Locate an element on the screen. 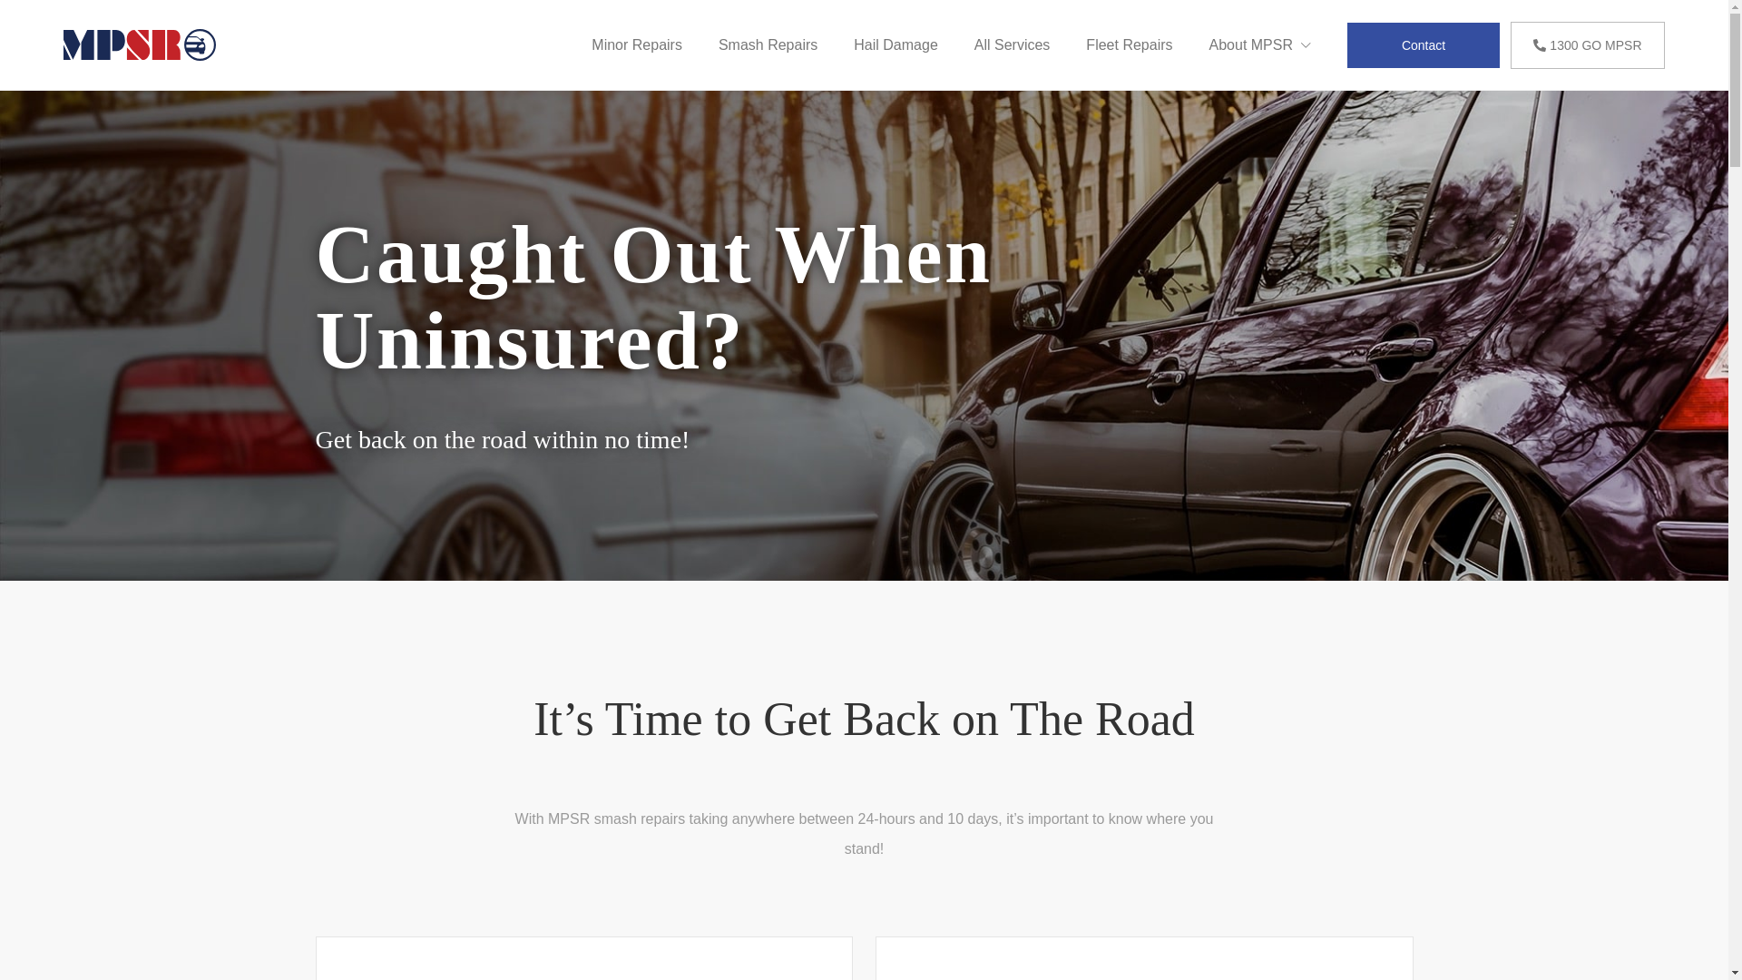 The width and height of the screenshot is (1742, 980). 'Contact' is located at coordinates (1423, 44).